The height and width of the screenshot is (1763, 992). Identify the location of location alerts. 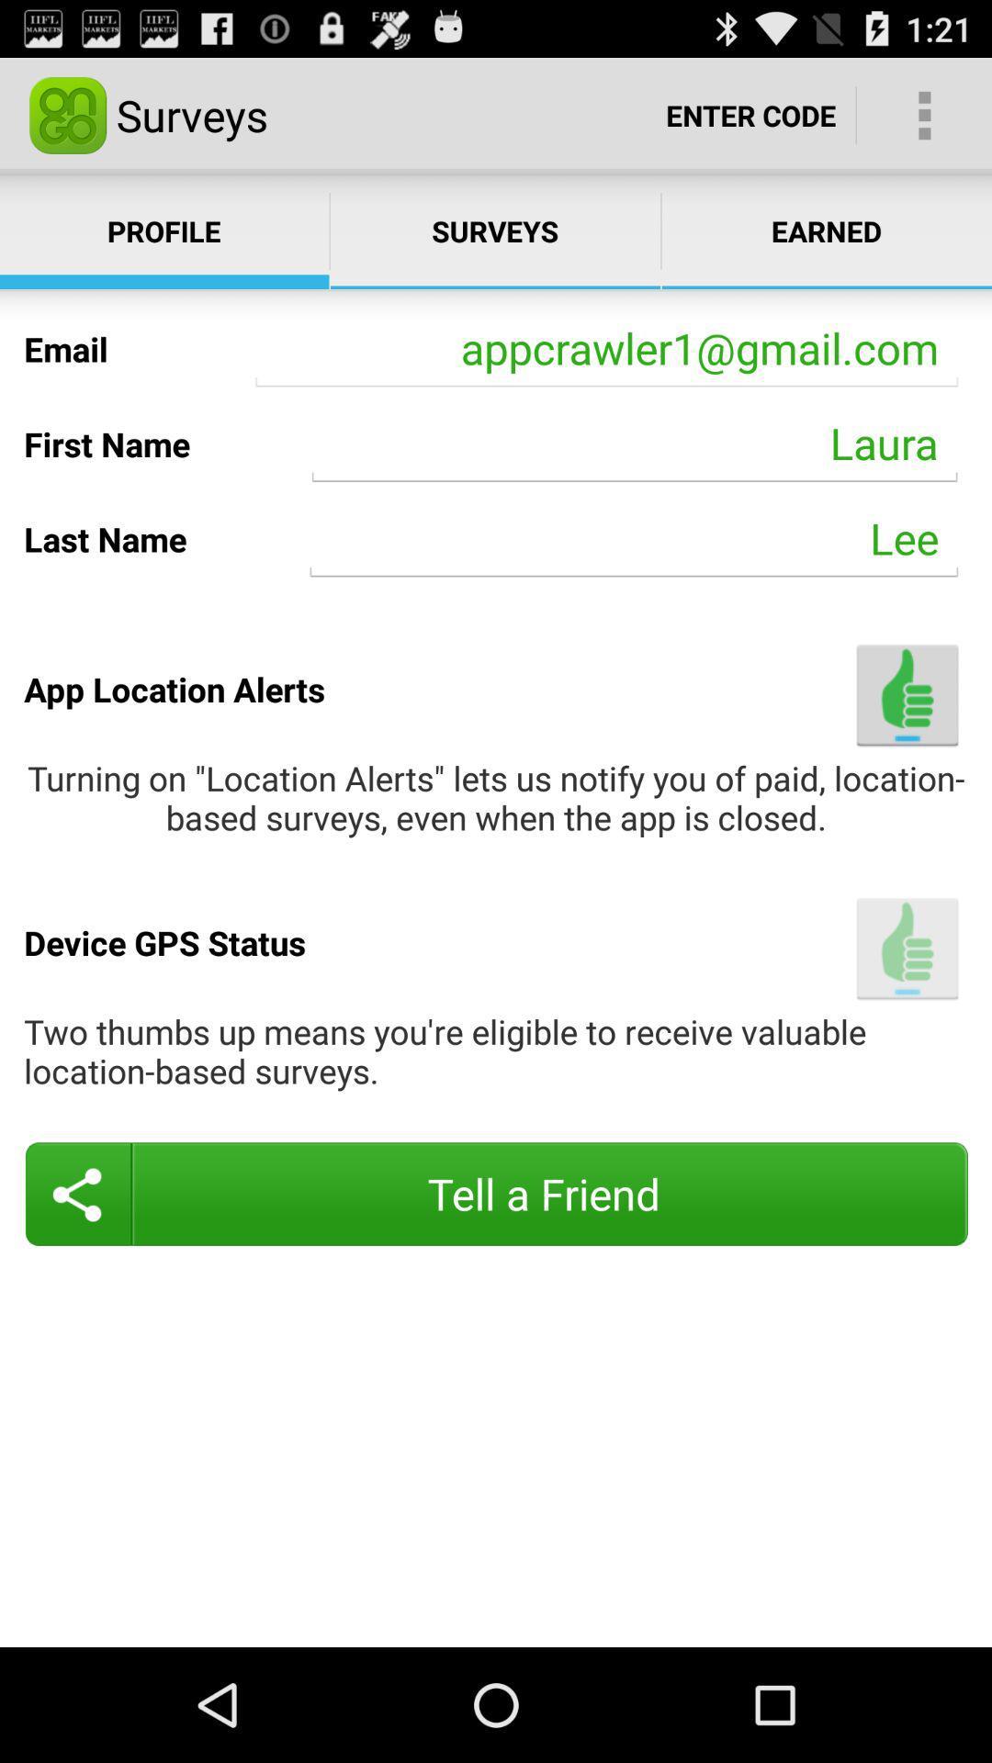
(907, 694).